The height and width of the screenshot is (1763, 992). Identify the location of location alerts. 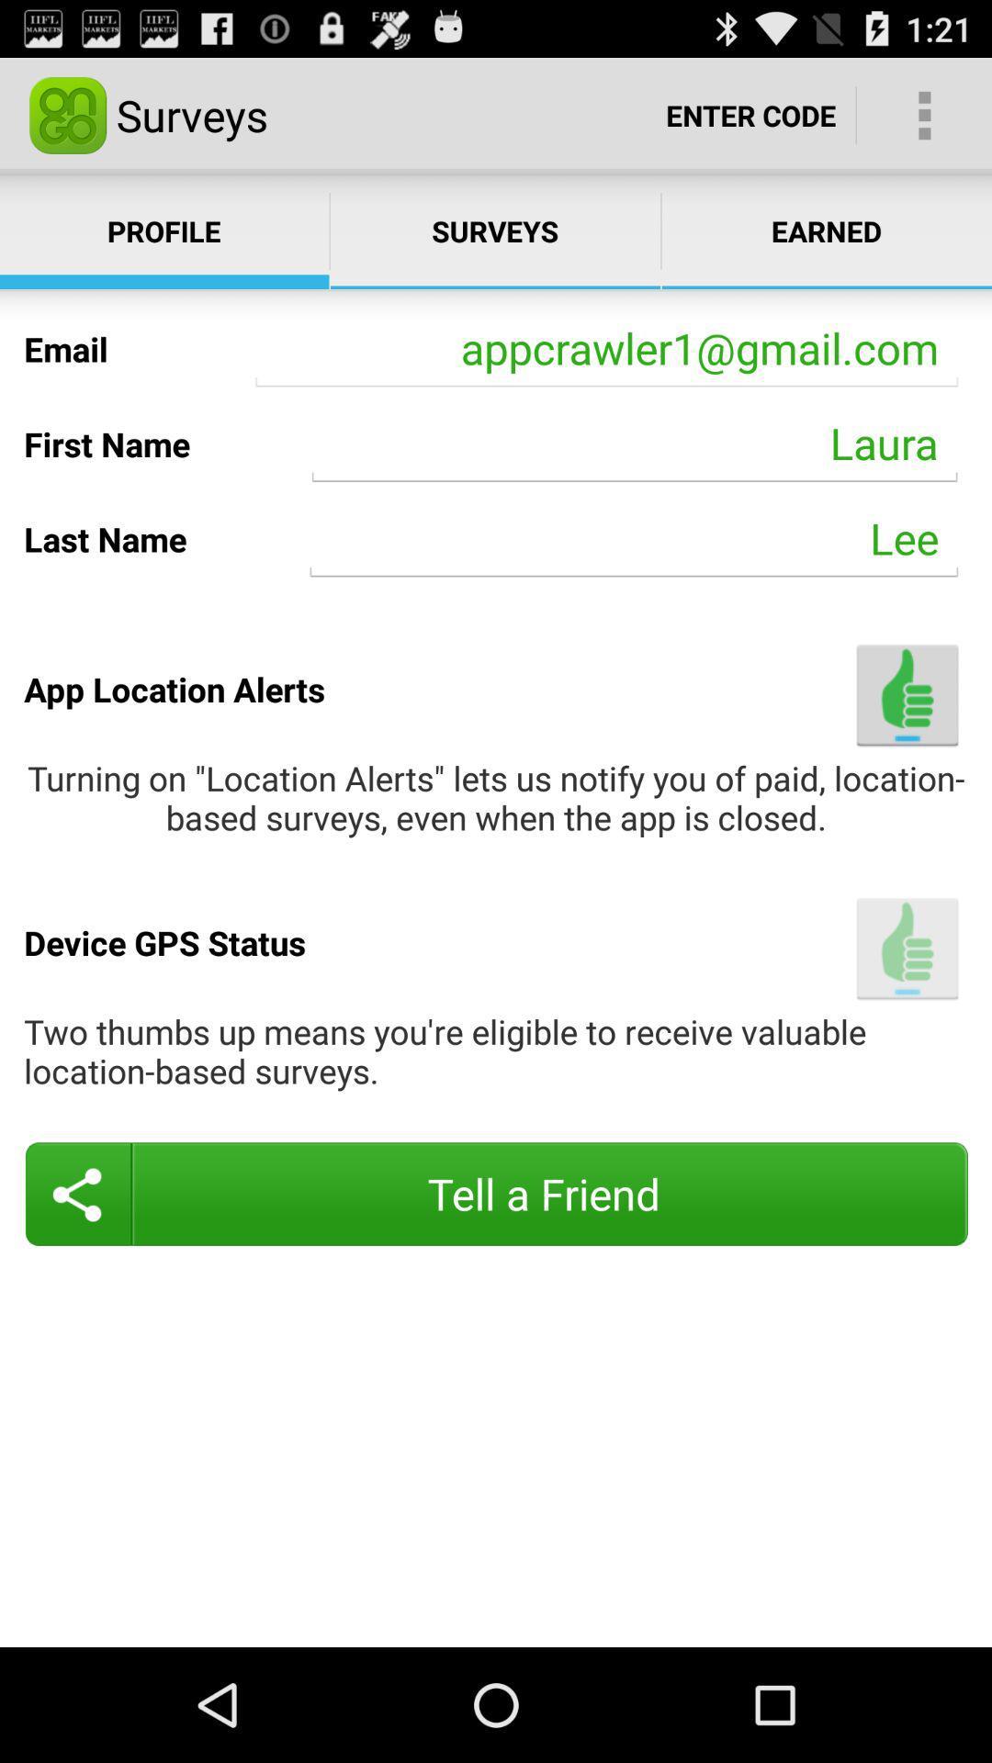
(907, 694).